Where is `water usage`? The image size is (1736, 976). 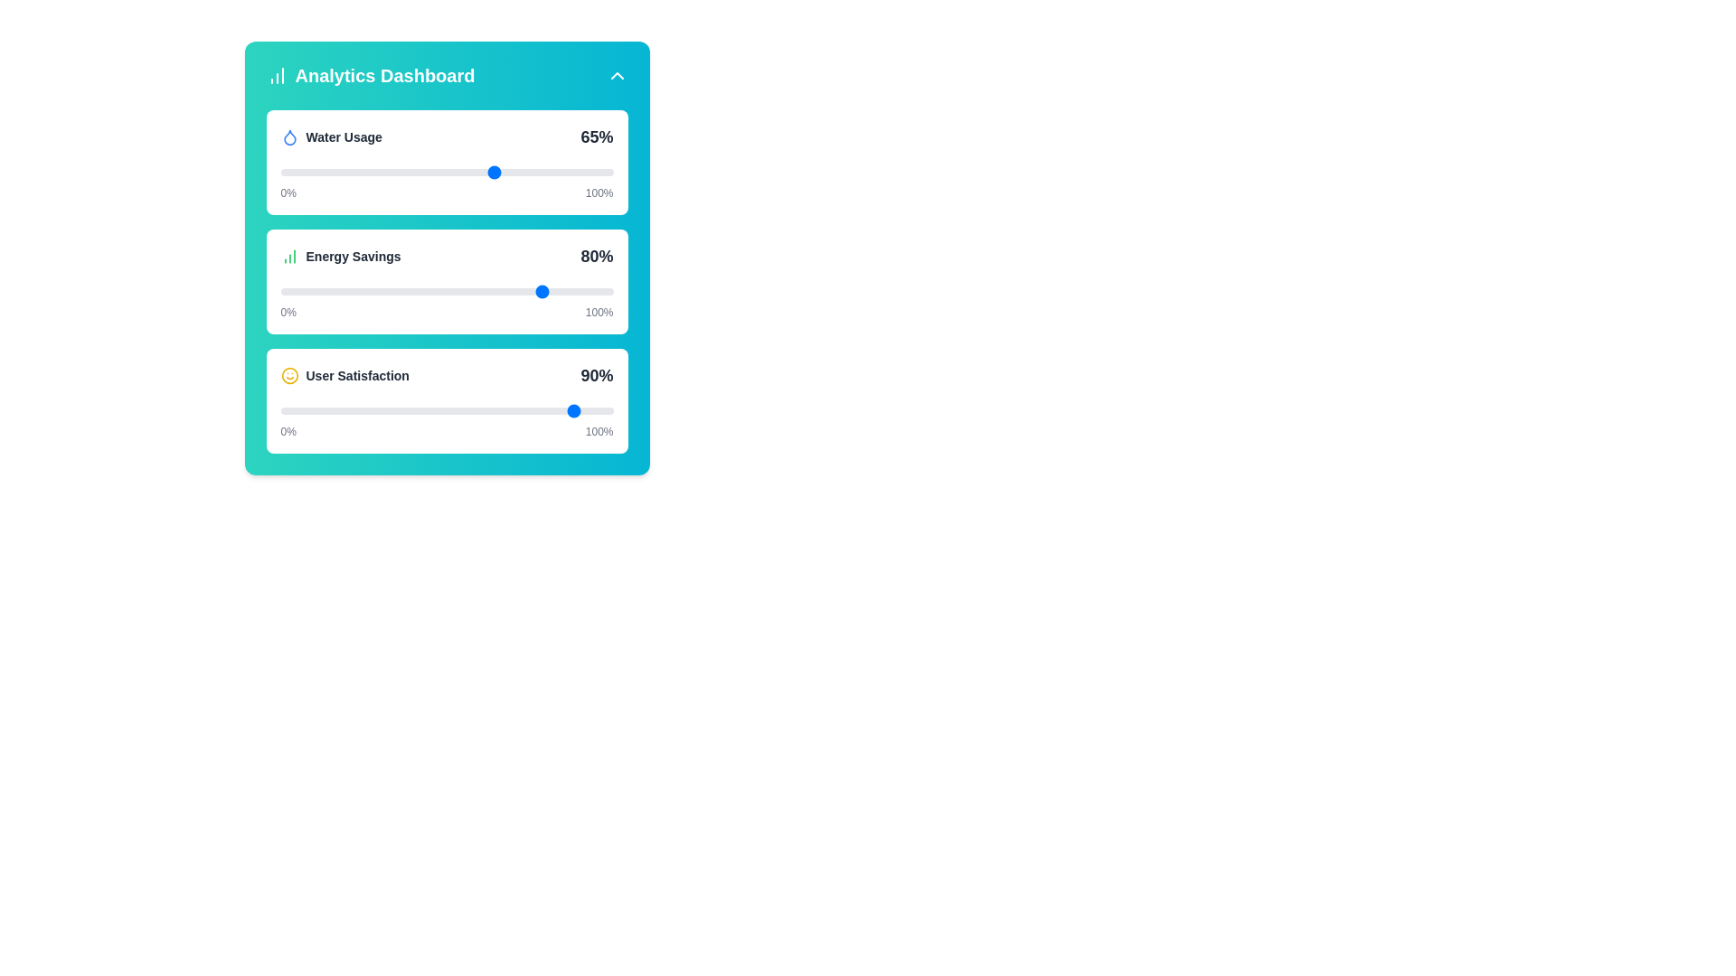
water usage is located at coordinates (314, 173).